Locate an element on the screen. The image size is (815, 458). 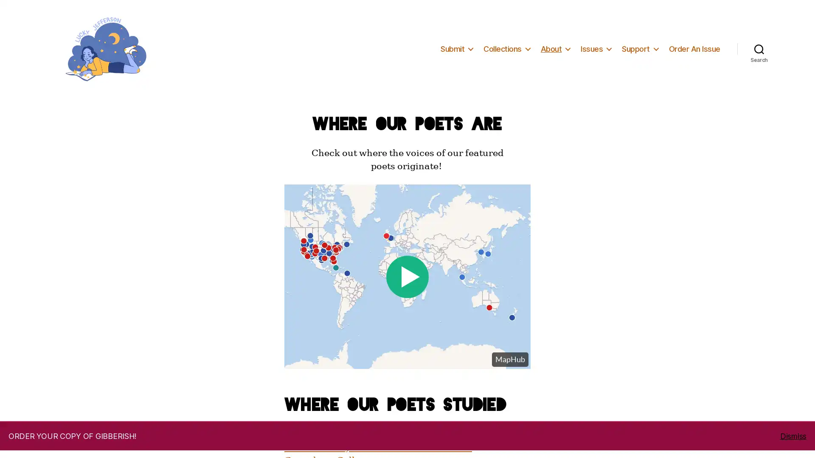
Search is located at coordinates (759, 49).